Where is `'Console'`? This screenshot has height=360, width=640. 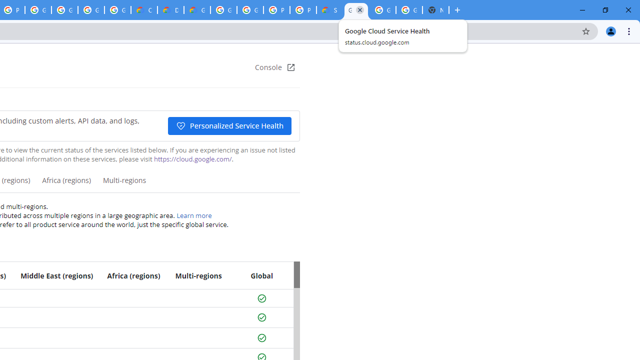 'Console' is located at coordinates (275, 67).